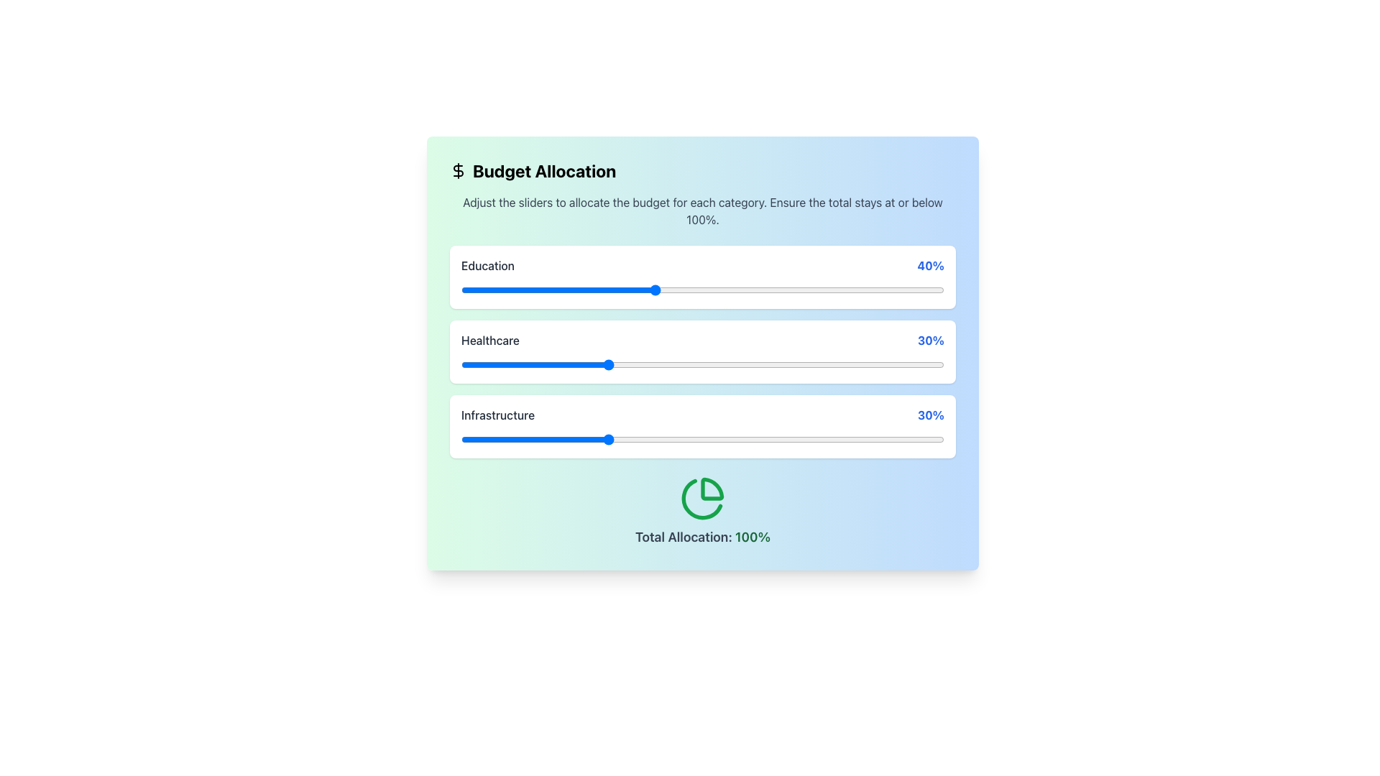 This screenshot has height=776, width=1380. What do you see at coordinates (678, 364) in the screenshot?
I see `healthcare allocation` at bounding box center [678, 364].